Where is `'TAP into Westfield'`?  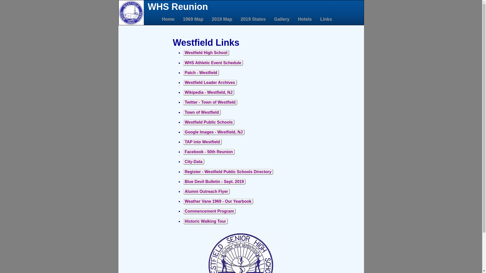
'TAP into Westfield' is located at coordinates (202, 142).